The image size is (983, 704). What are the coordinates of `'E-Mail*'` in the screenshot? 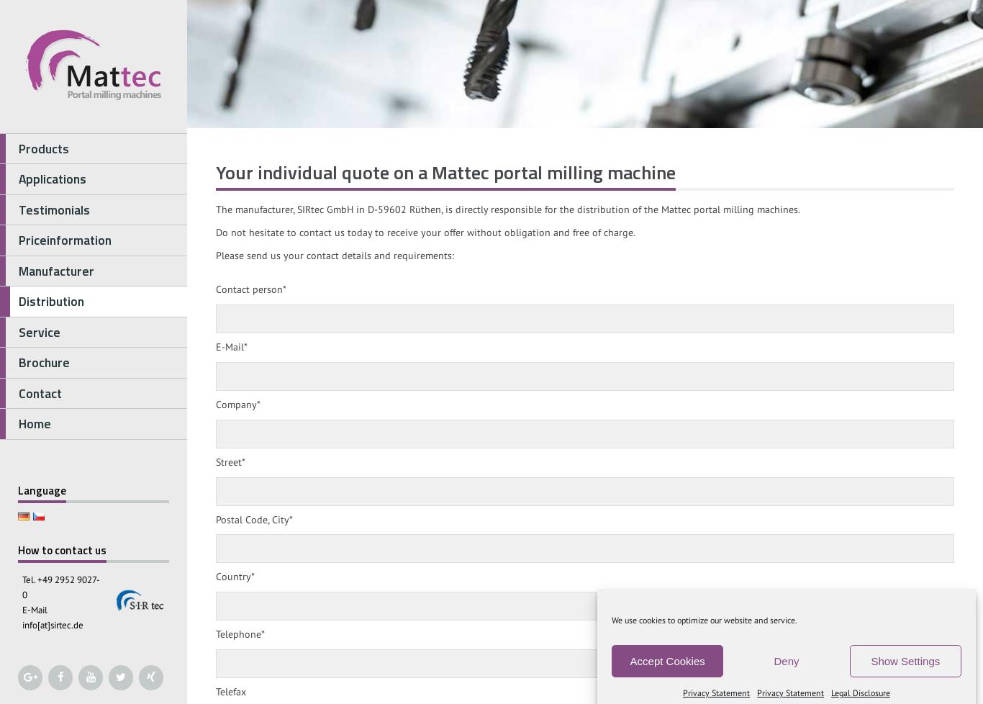 It's located at (231, 346).